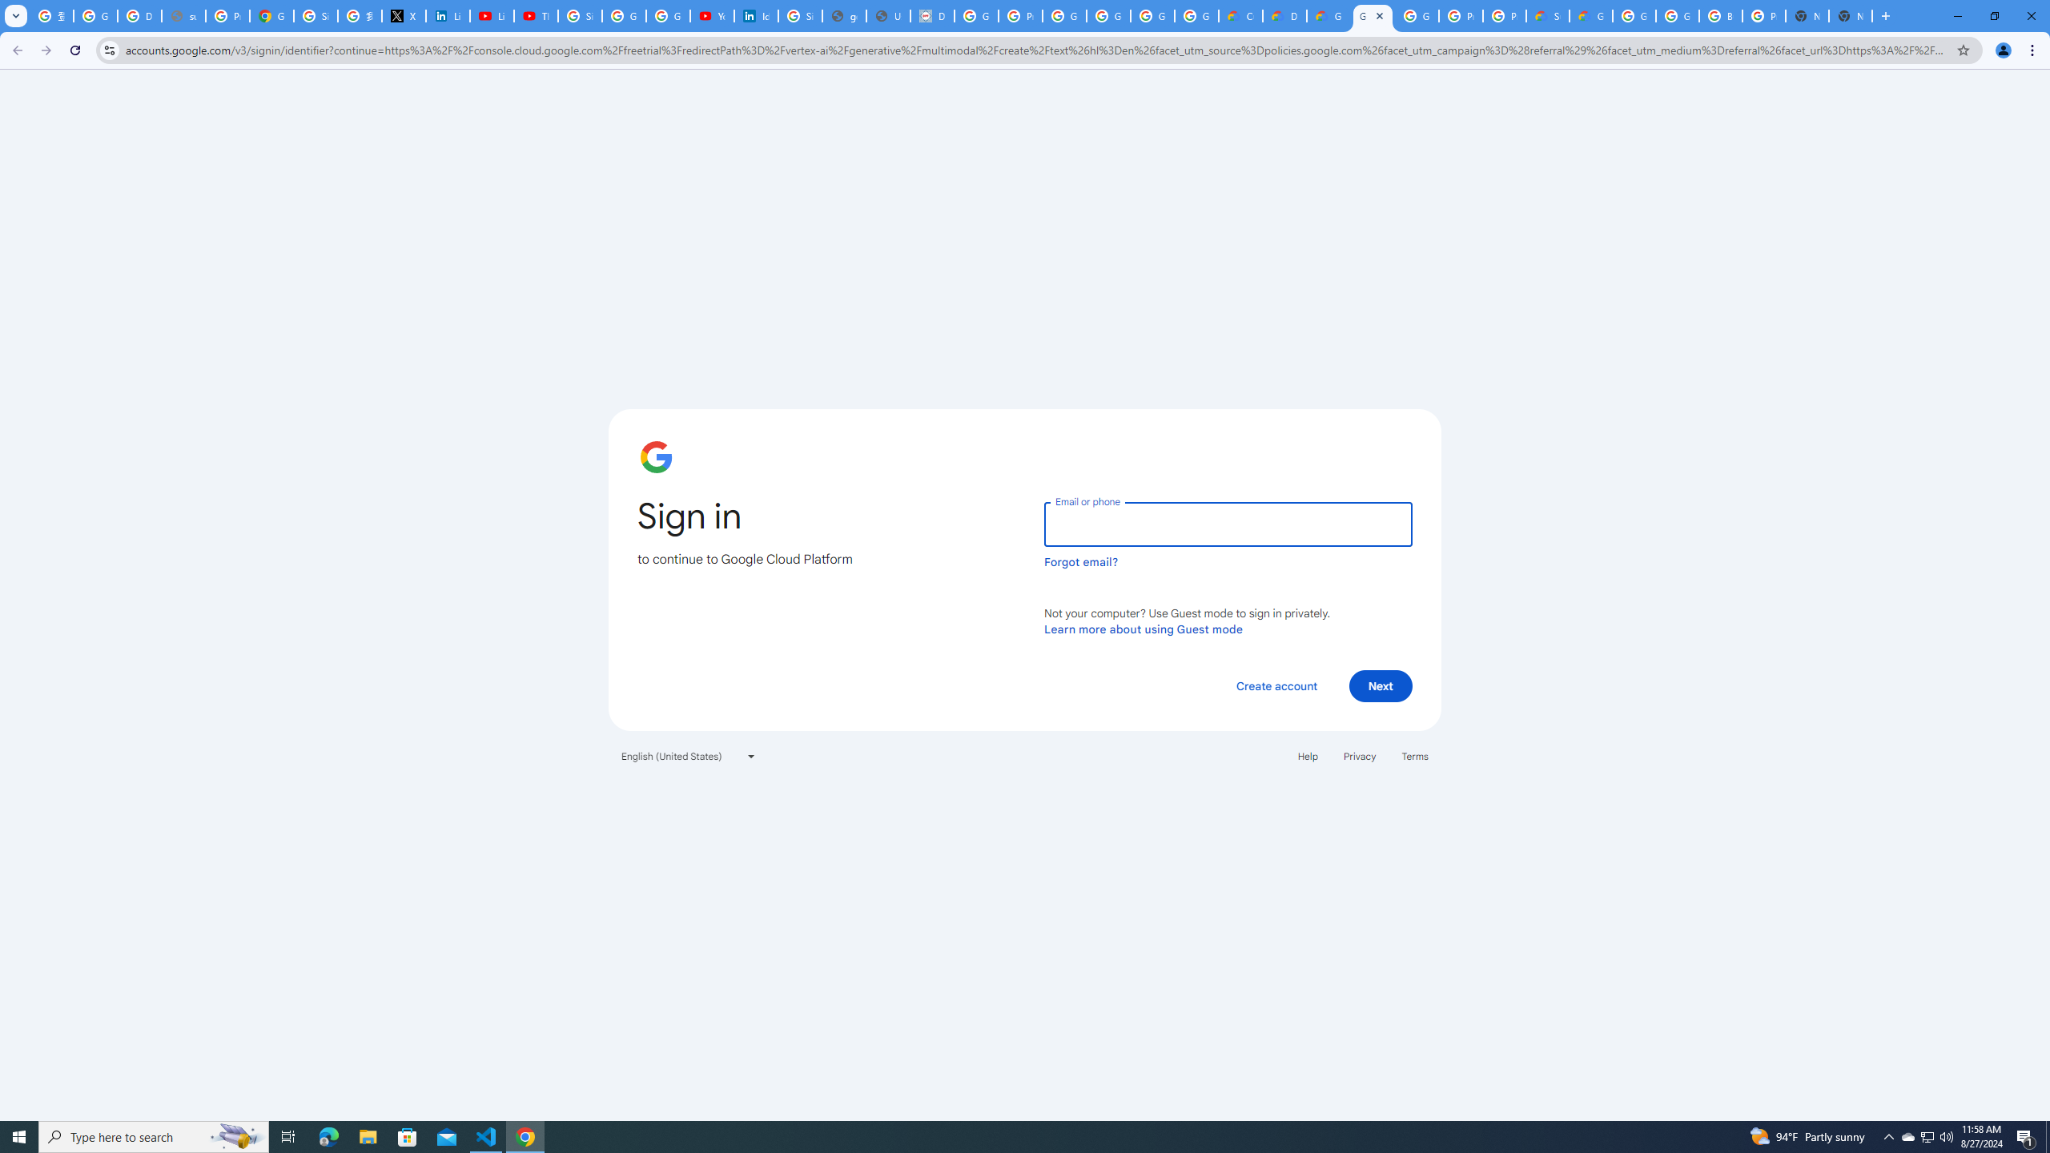  Describe the element at coordinates (1381, 685) in the screenshot. I see `'Next'` at that location.